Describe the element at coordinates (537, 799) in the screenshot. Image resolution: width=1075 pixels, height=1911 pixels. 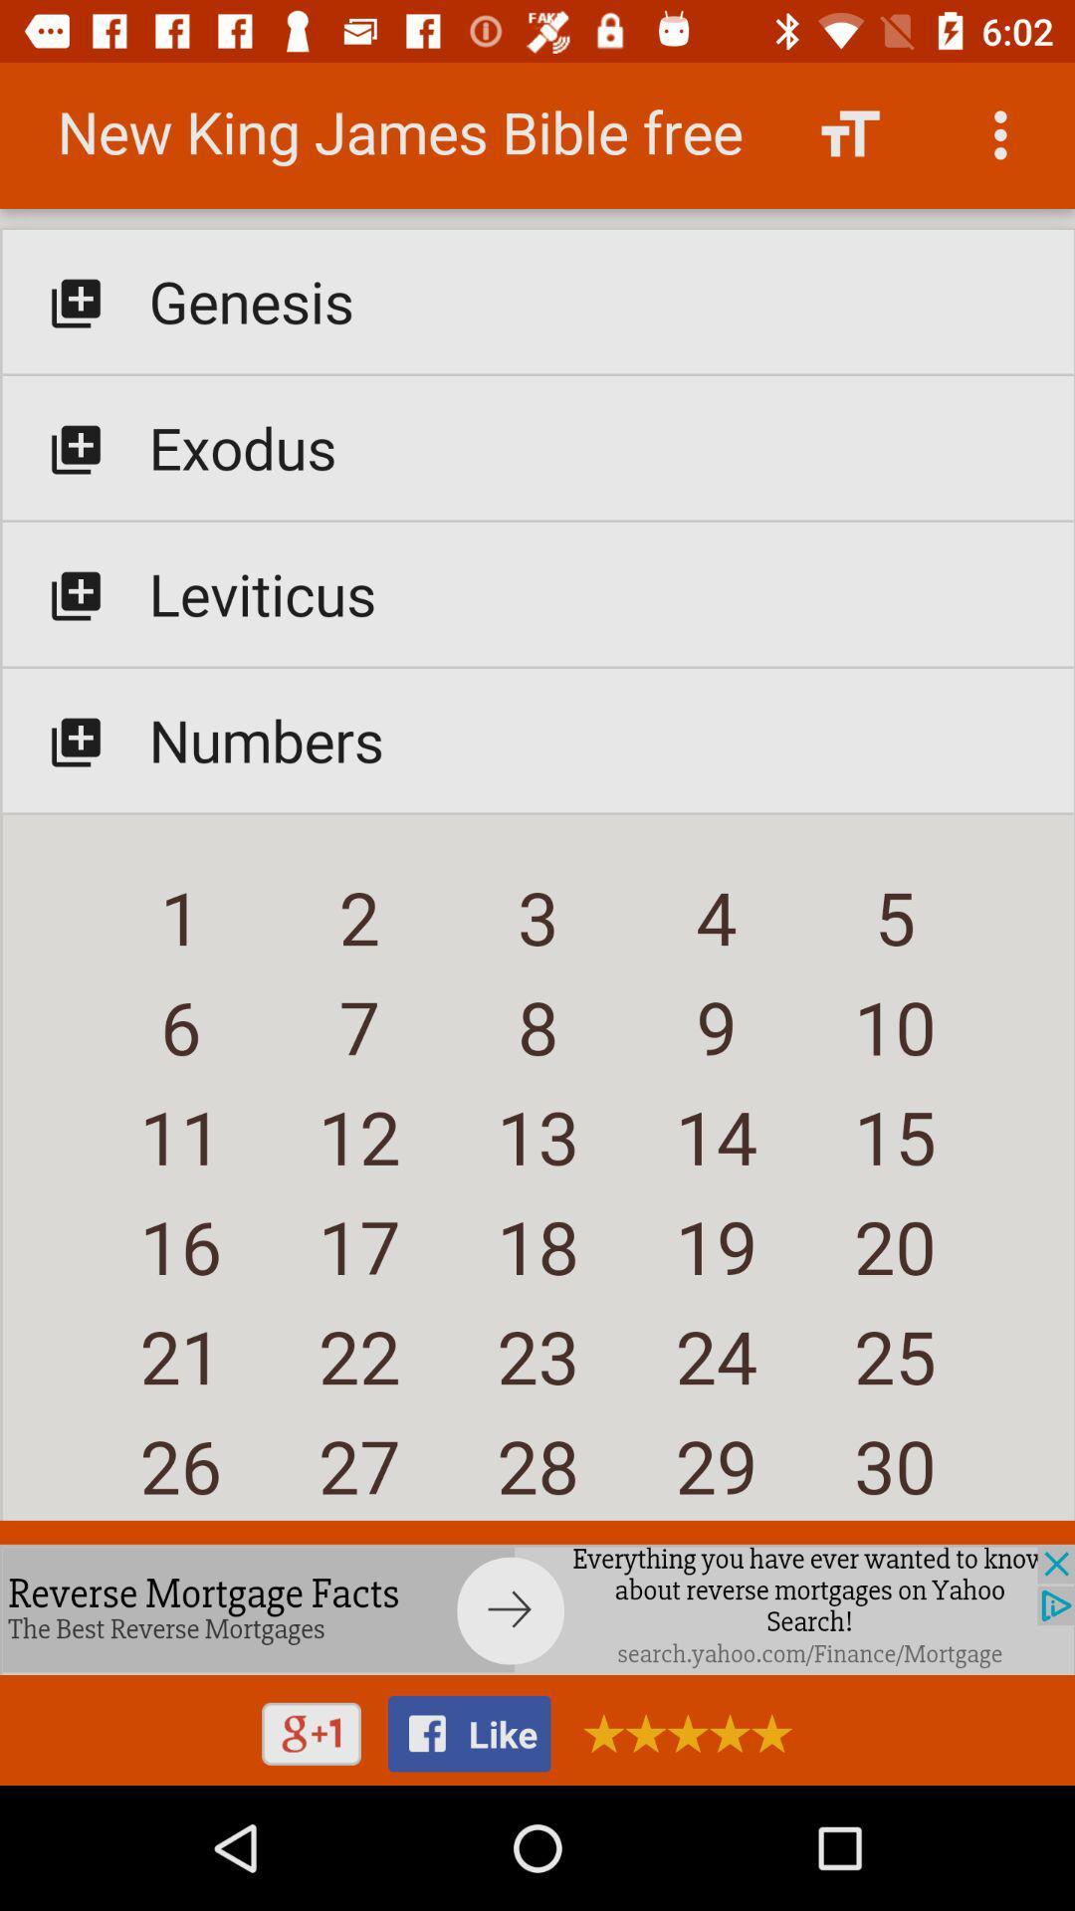
I see `home page of the app` at that location.